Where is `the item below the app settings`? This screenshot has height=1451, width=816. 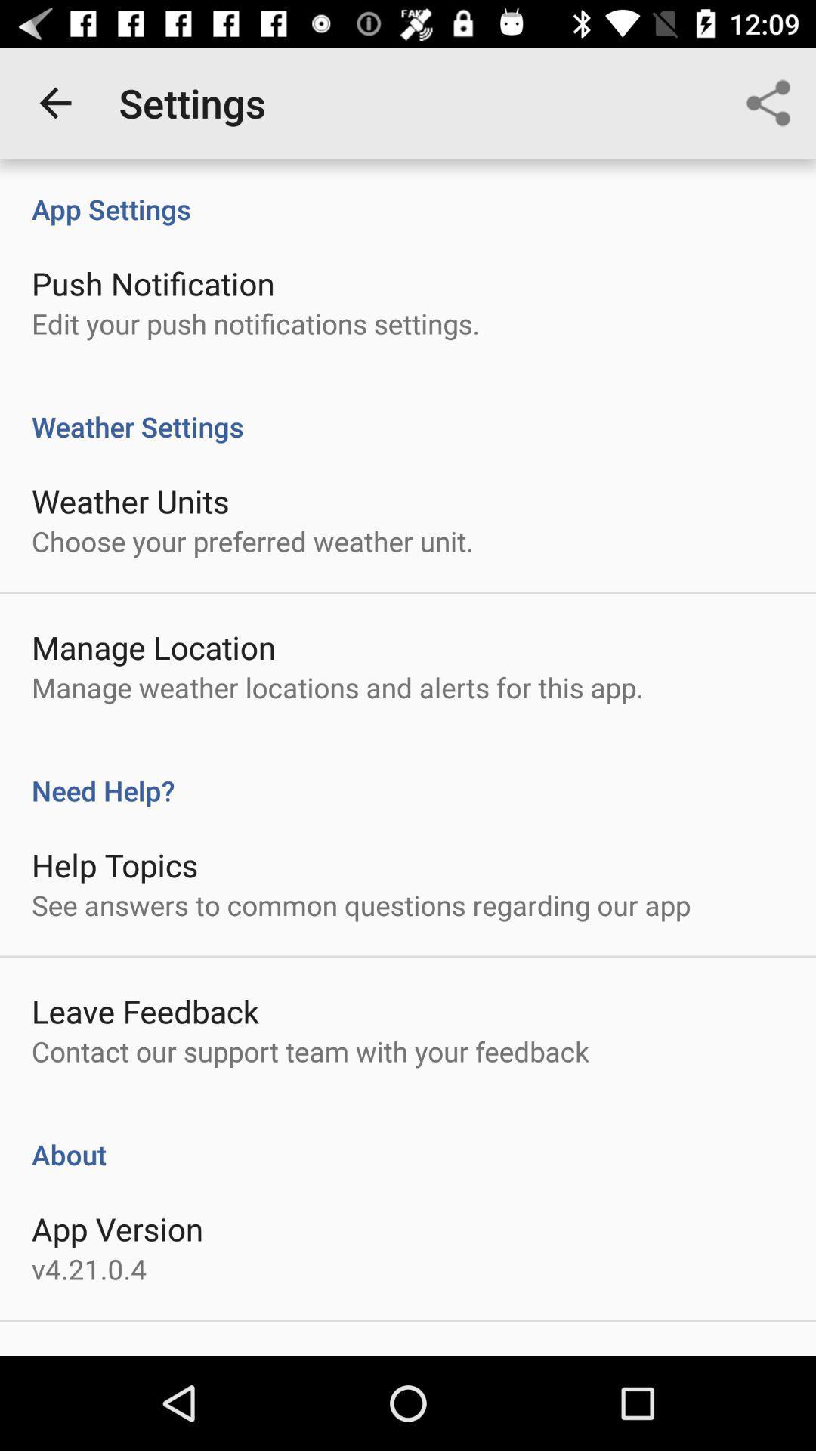
the item below the app settings is located at coordinates (153, 283).